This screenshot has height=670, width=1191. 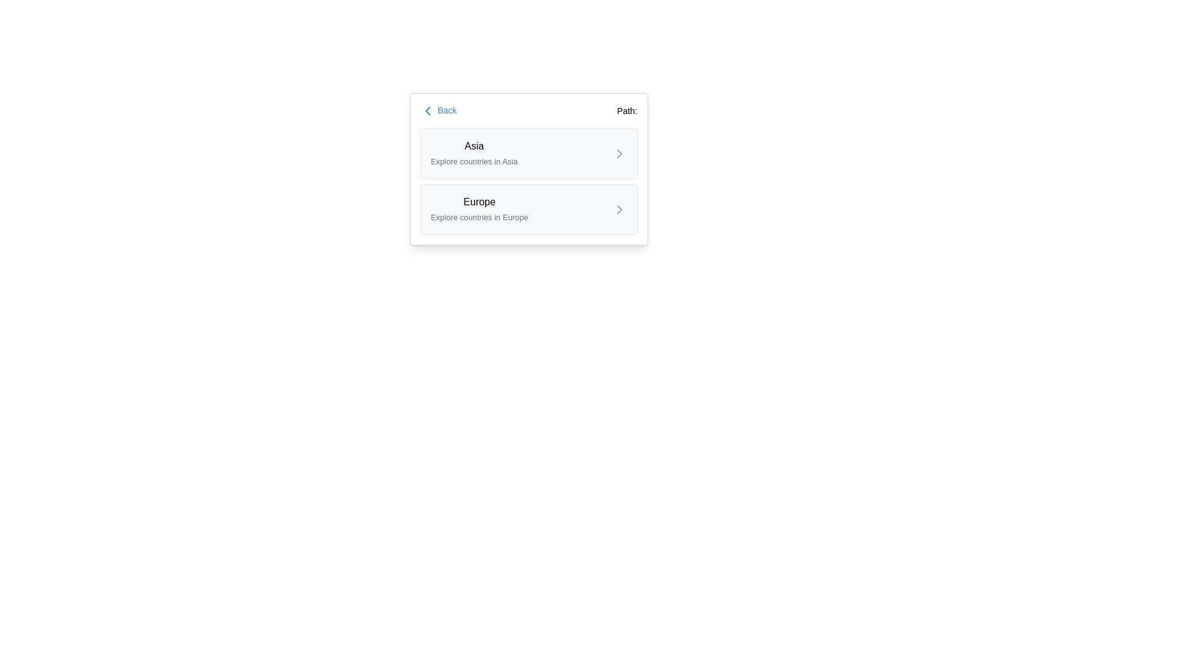 What do you see at coordinates (427, 110) in the screenshot?
I see `the back-navigation arrow icon located at the leftmost end of the navigation bar` at bounding box center [427, 110].